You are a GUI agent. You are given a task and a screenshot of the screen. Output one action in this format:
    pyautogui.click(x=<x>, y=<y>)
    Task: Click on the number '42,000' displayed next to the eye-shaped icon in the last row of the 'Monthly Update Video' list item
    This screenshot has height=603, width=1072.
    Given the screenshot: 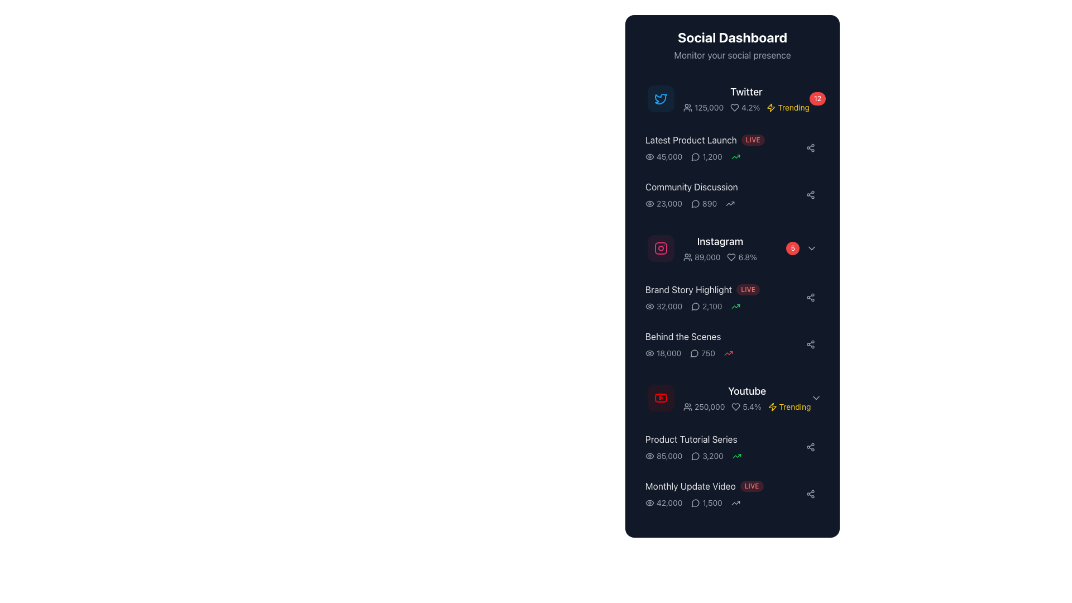 What is the action you would take?
    pyautogui.click(x=664, y=503)
    